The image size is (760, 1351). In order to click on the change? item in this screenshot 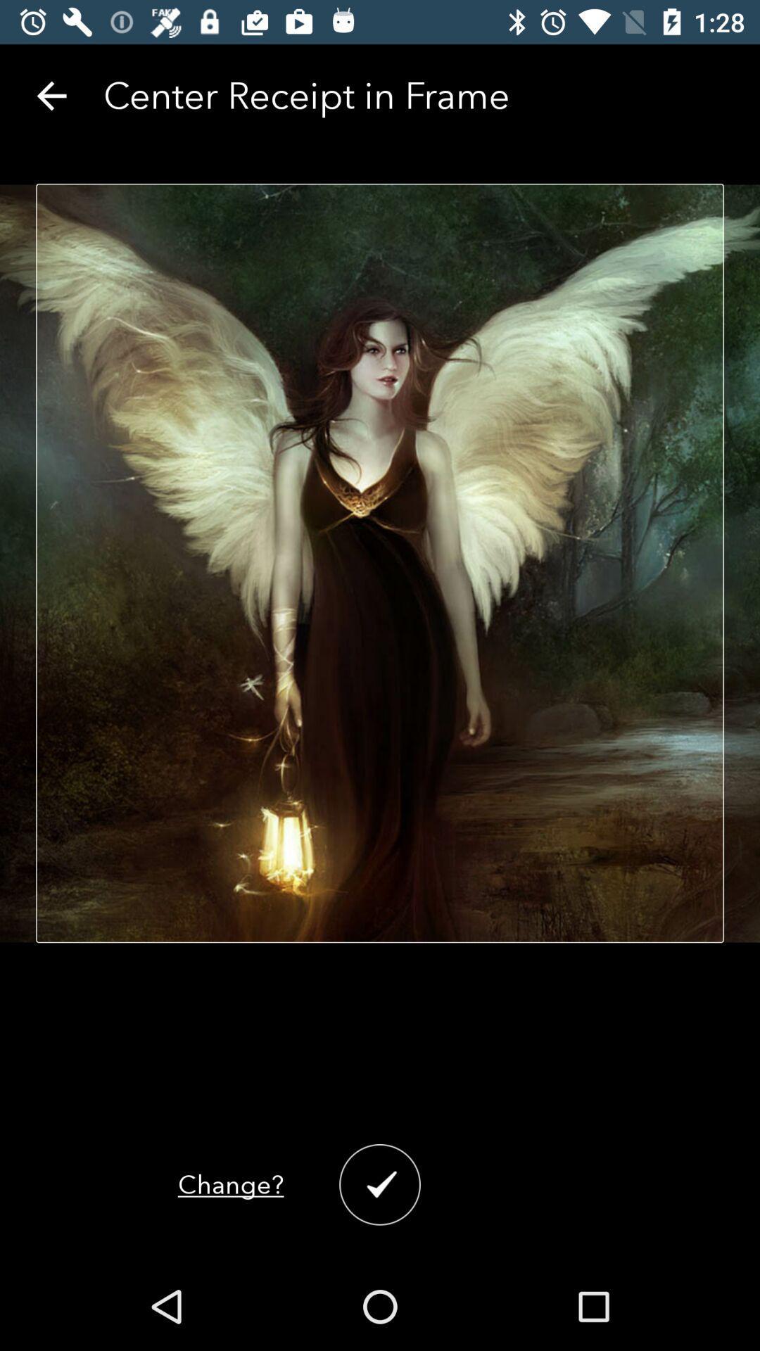, I will do `click(230, 1184)`.